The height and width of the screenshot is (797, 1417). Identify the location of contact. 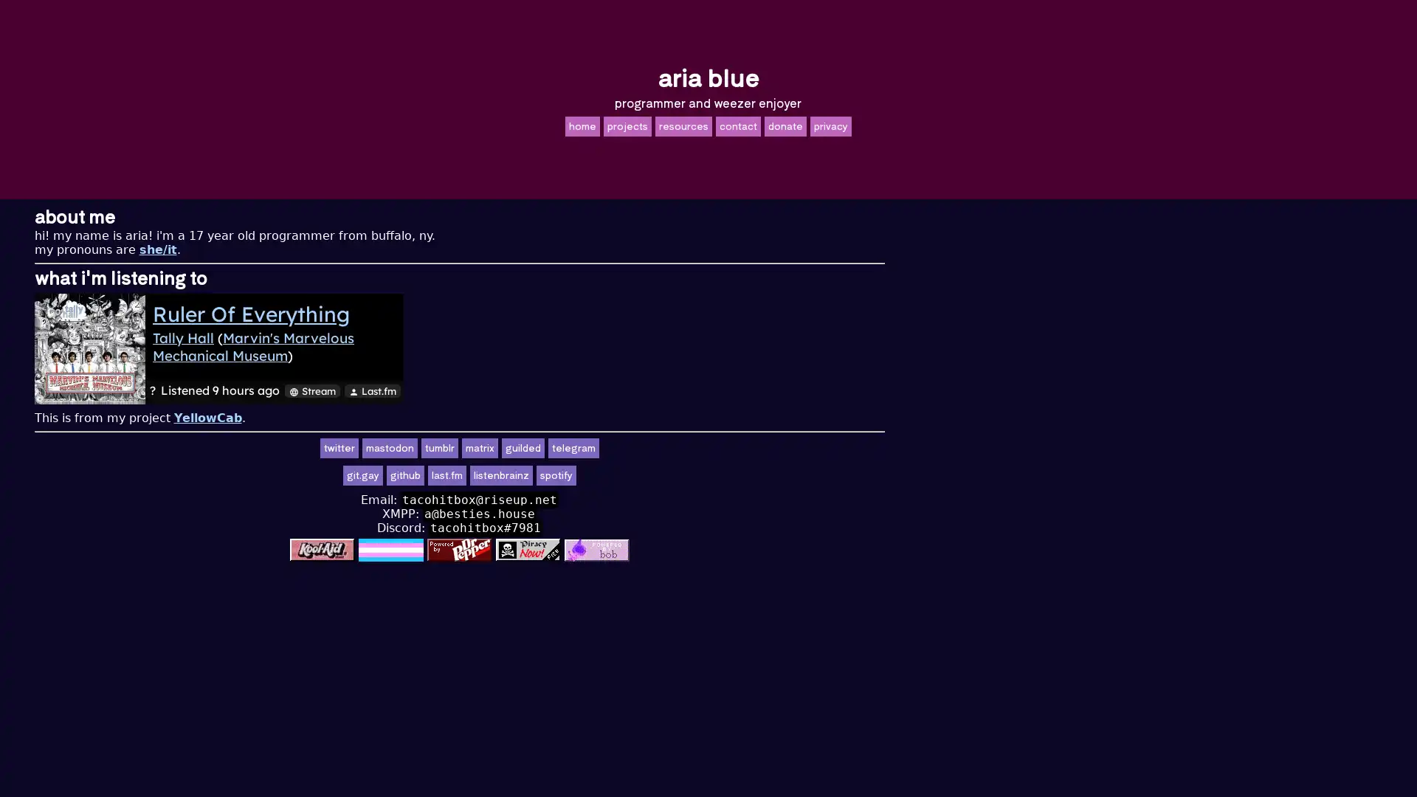
(737, 125).